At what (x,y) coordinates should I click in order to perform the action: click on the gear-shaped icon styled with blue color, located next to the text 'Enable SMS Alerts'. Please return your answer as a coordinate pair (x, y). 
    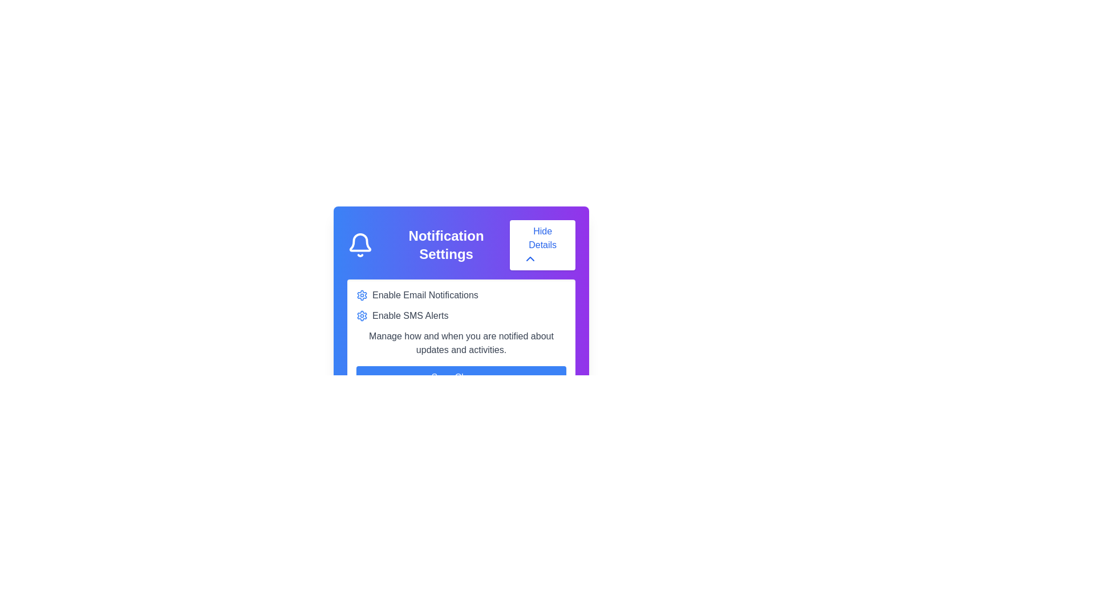
    Looking at the image, I should click on (361, 316).